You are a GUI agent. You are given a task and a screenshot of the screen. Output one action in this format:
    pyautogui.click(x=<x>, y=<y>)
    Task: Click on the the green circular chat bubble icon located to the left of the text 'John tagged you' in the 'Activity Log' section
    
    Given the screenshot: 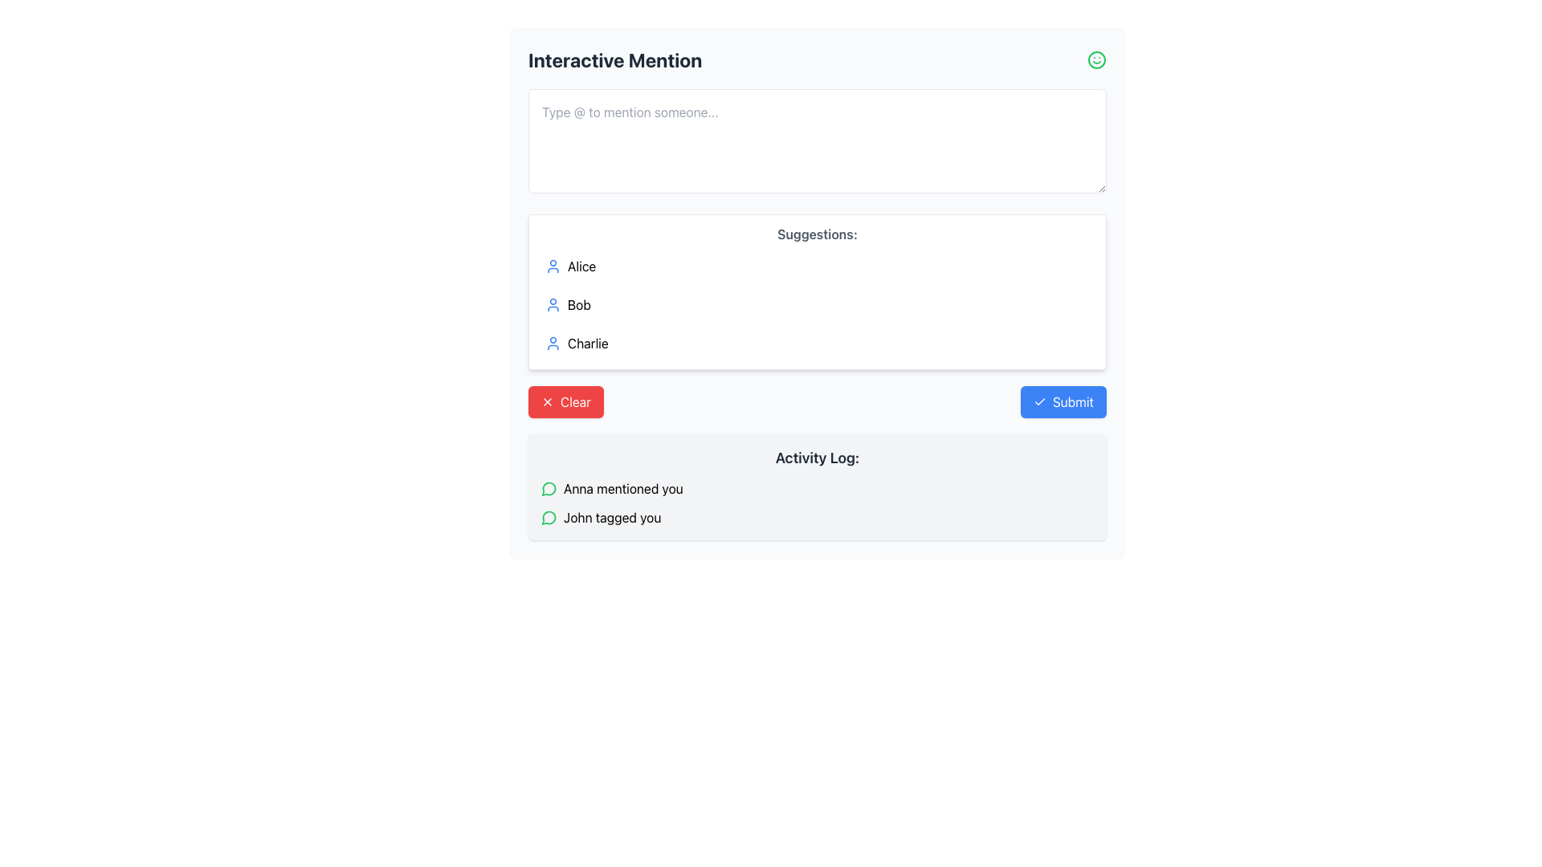 What is the action you would take?
    pyautogui.click(x=549, y=517)
    